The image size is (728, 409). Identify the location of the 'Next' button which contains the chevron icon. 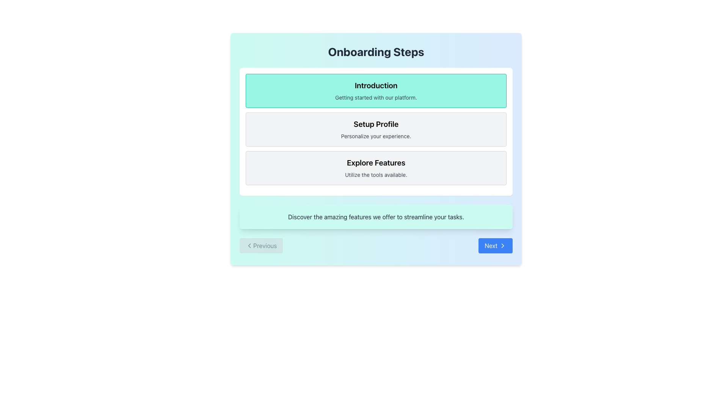
(502, 245).